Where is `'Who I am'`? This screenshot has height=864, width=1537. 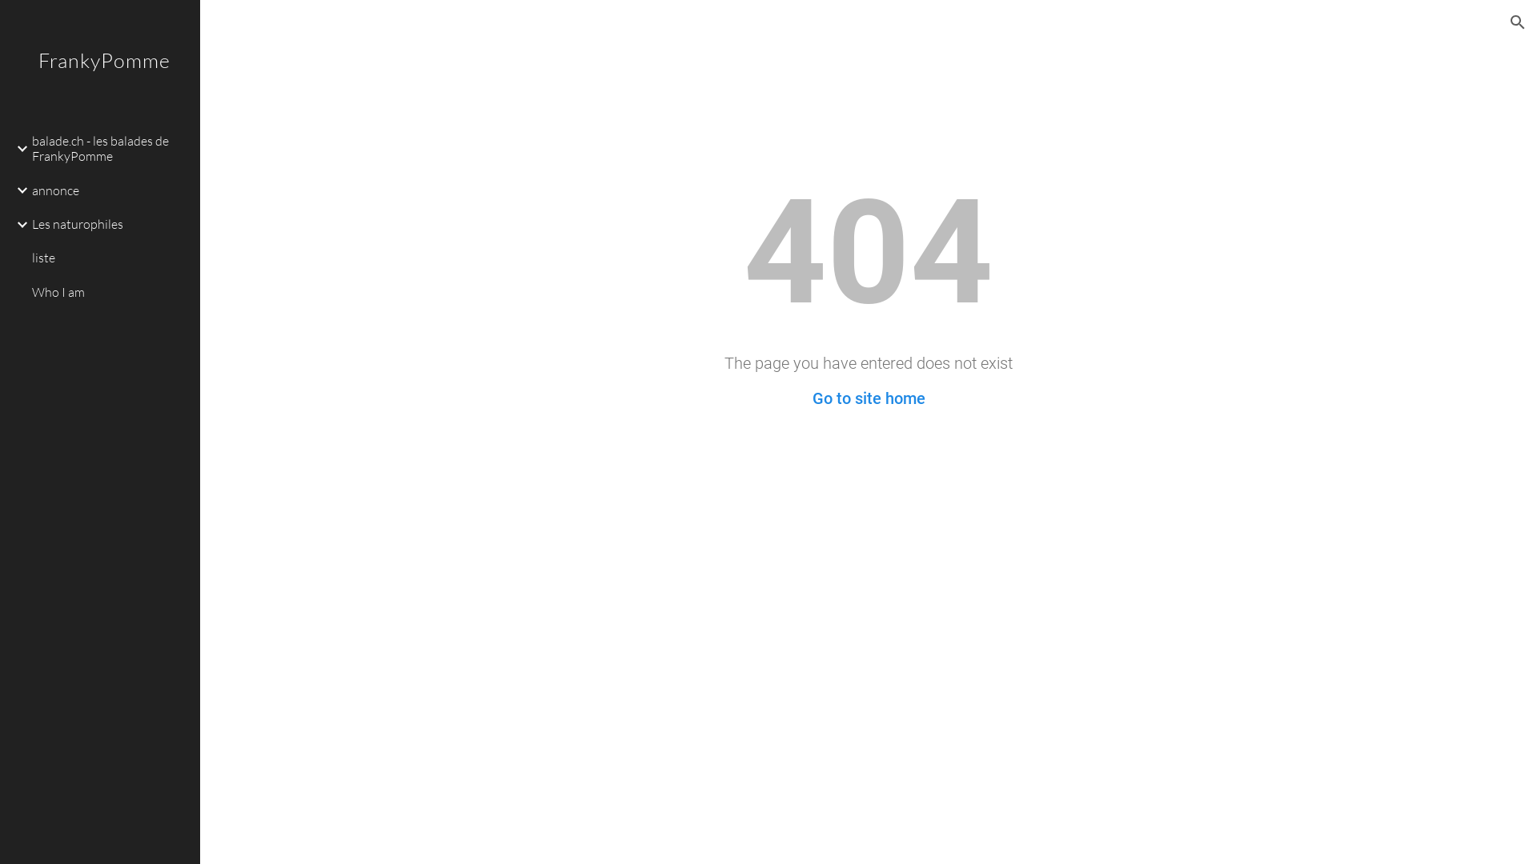 'Who I am' is located at coordinates (109, 292).